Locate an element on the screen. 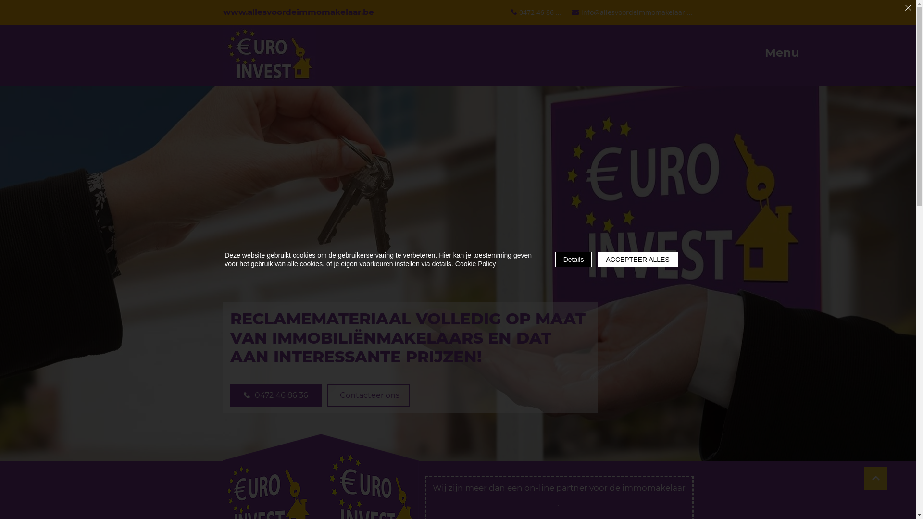  'ACCEPTEER ALLES' is located at coordinates (637, 259).